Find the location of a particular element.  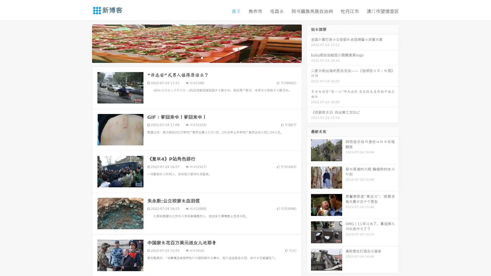

Go to slide 1 is located at coordinates (191, 57).